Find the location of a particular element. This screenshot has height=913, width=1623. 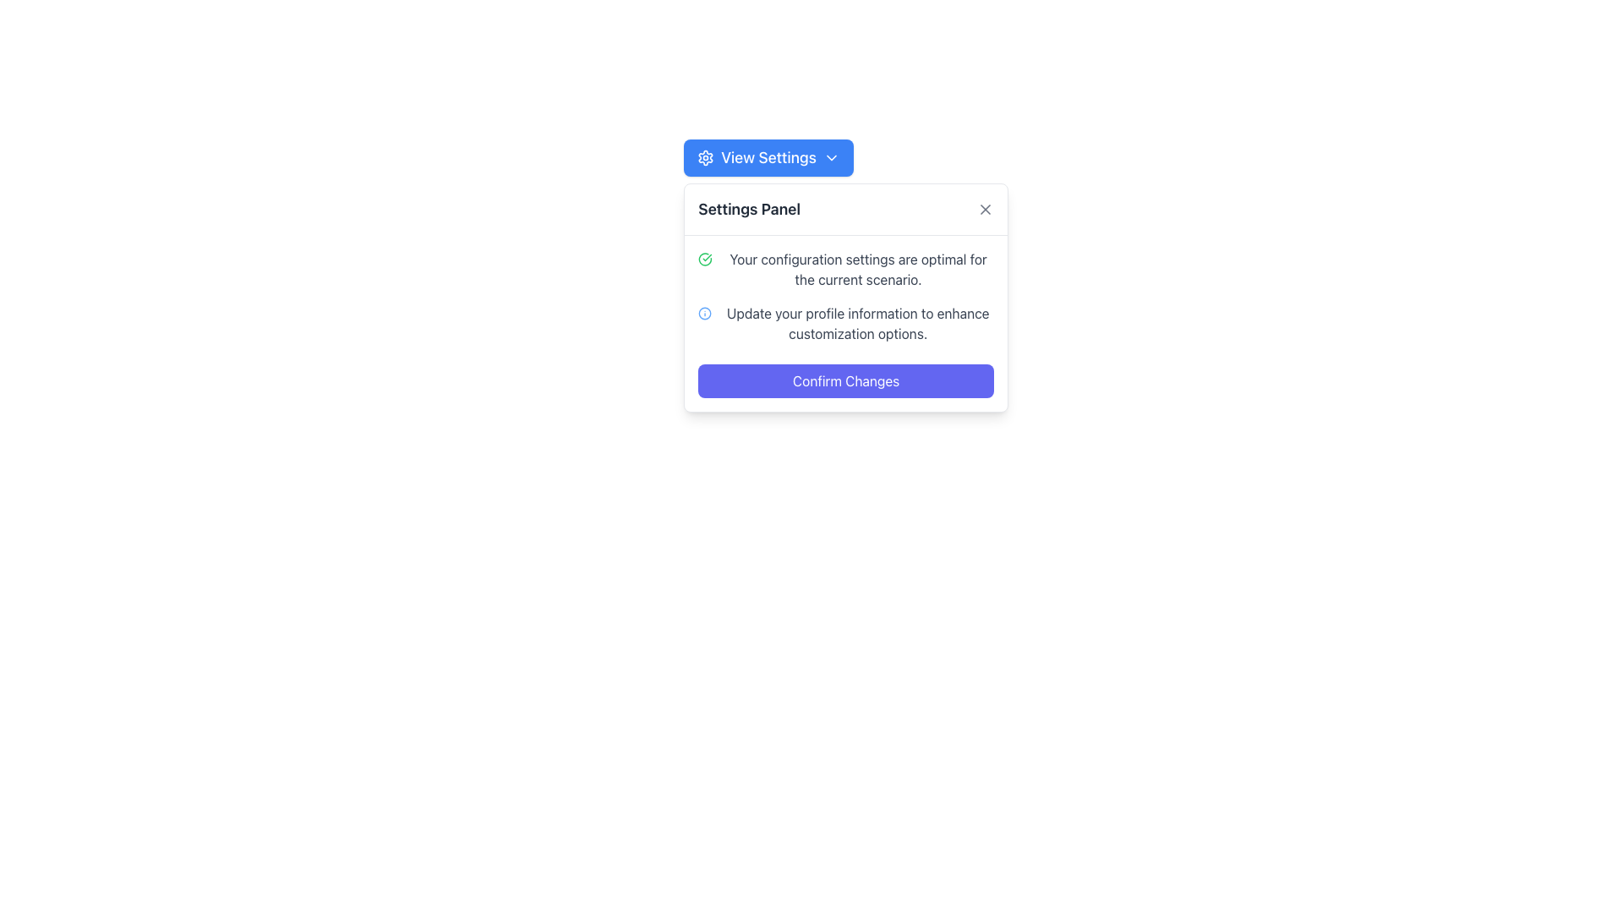

the static text displaying the message 'Your configuration settings are optimal for the current scenario.' located in the settings panel, positioned right next to a green checkmark icon is located at coordinates (858, 269).